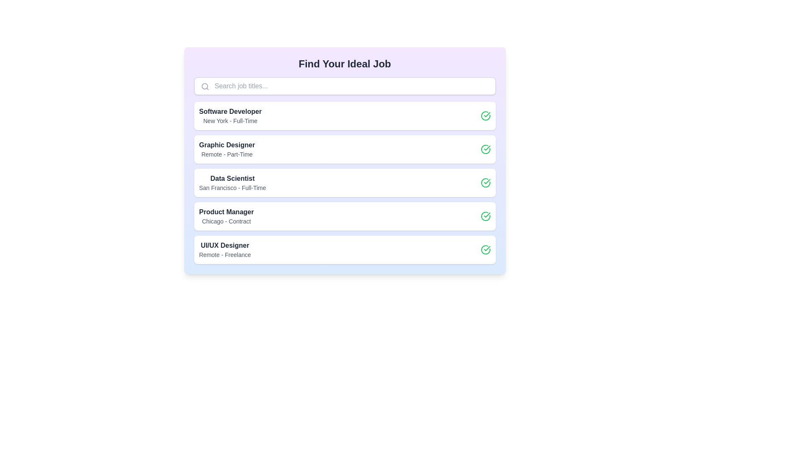 This screenshot has width=804, height=452. Describe the element at coordinates (487, 114) in the screenshot. I see `the SVG graphical element that forms part of a checkmark within a circular structure, indicating approval for the job entry 'Graphic Designer, Remote - Part-Time'` at that location.